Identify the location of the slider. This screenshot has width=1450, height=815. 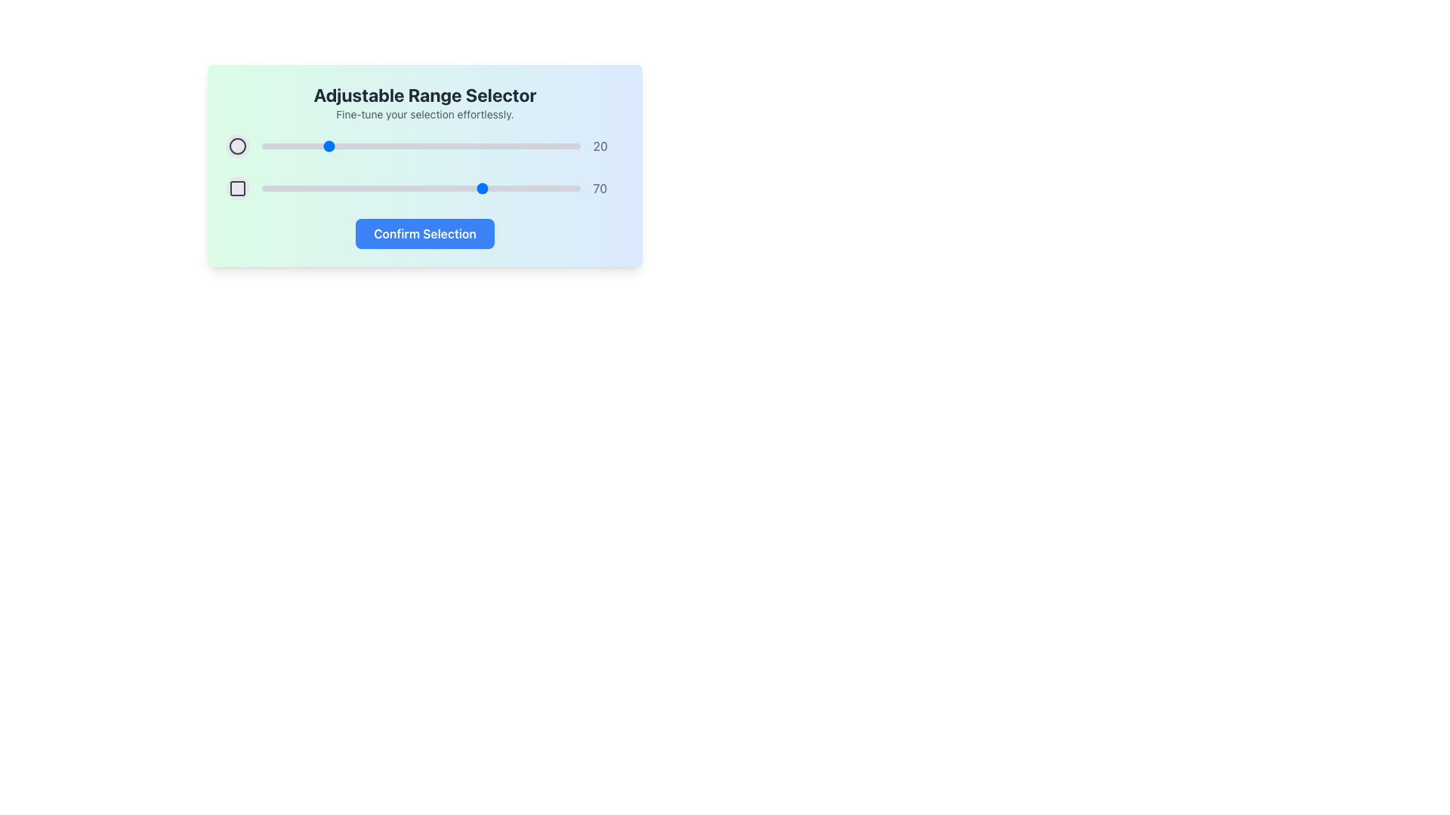
(265, 188).